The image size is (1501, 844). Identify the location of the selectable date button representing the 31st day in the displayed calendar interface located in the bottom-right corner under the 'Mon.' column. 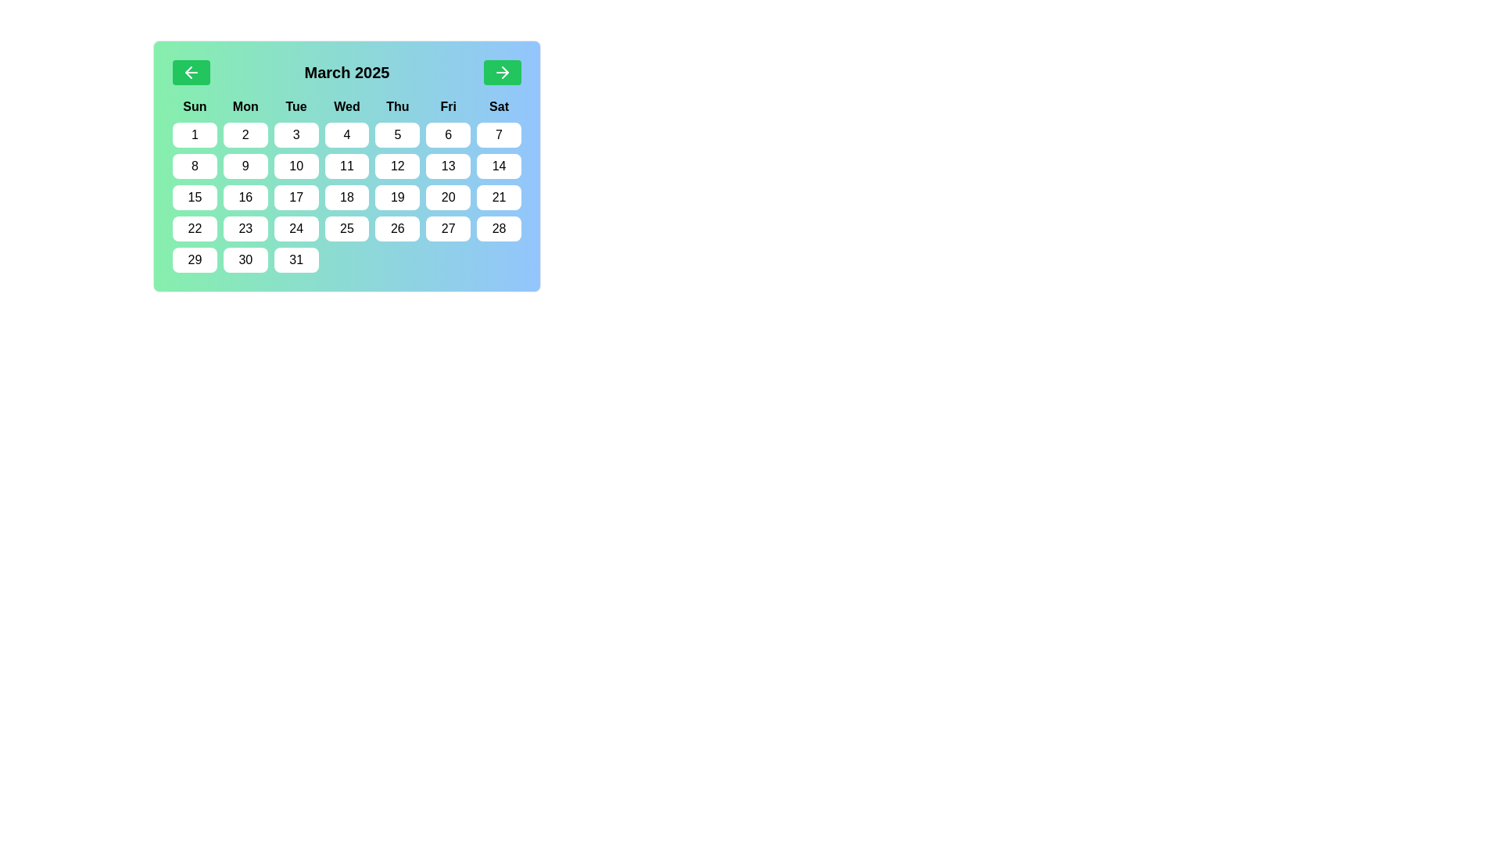
(296, 259).